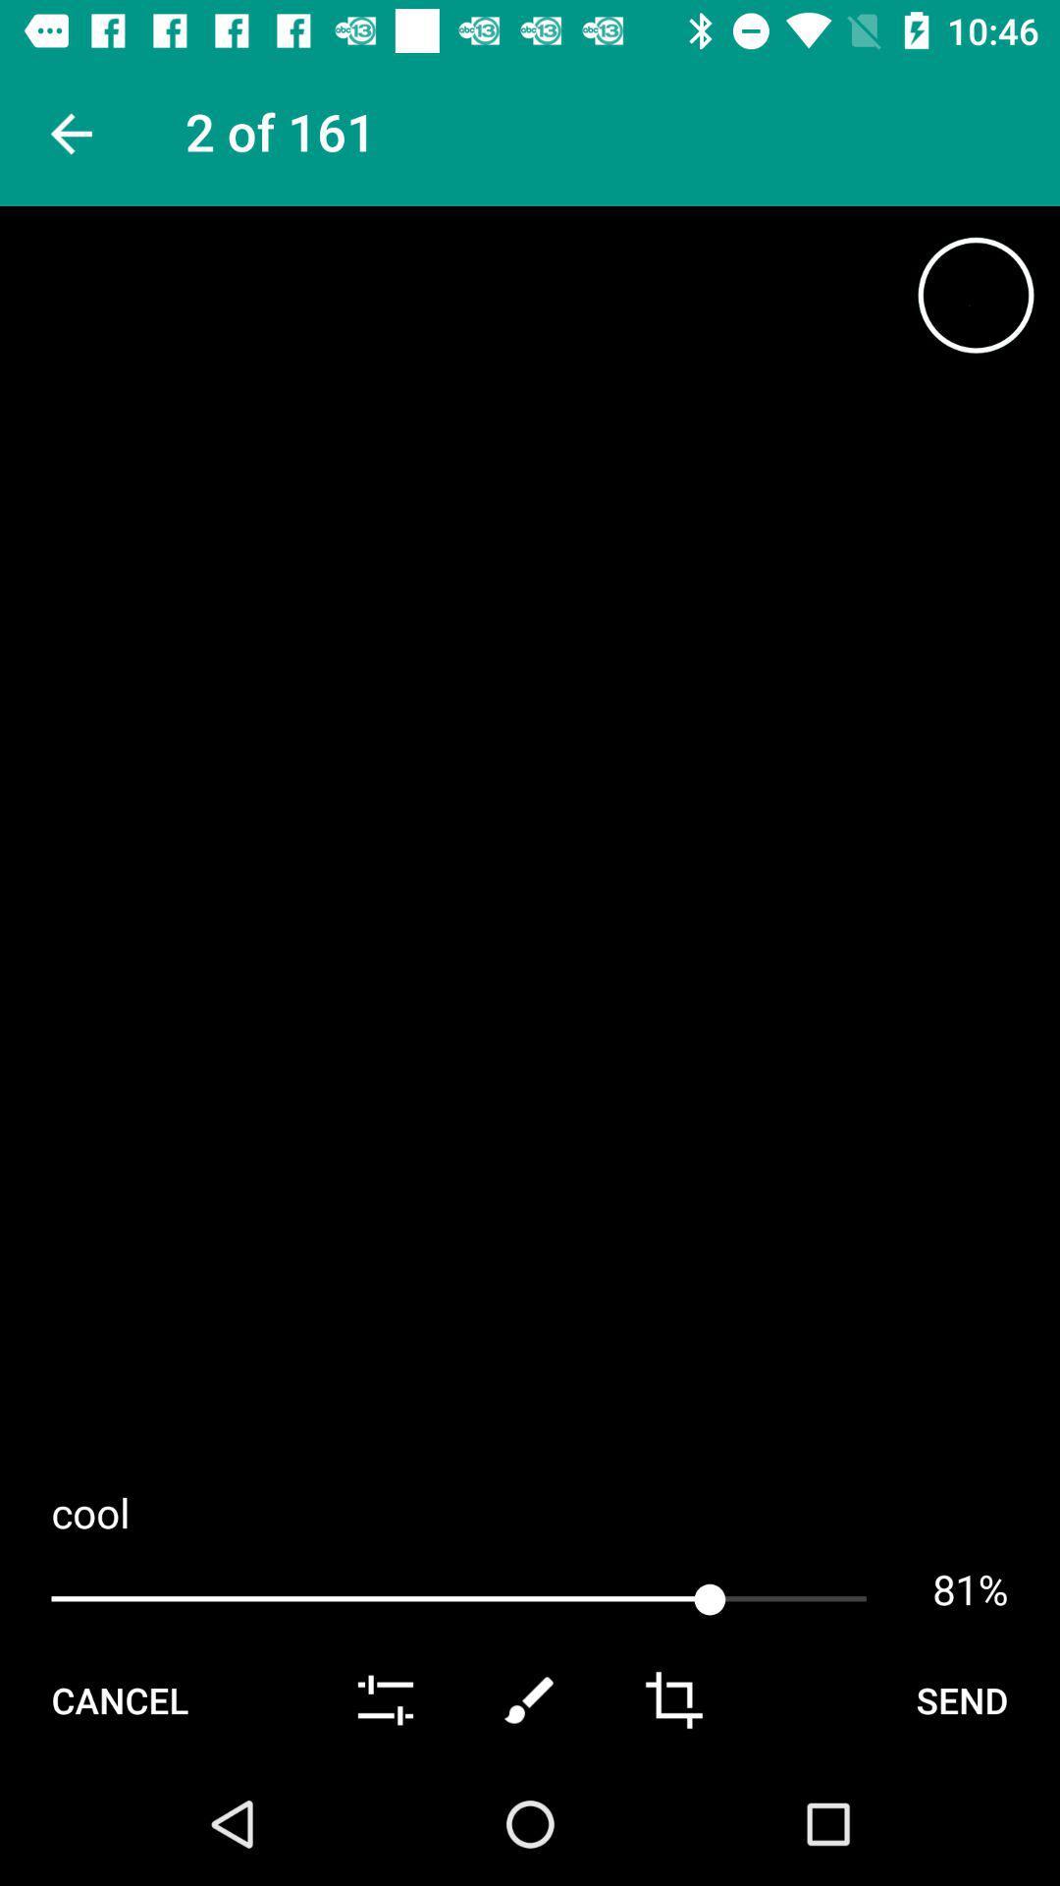 This screenshot has width=1060, height=1886. I want to click on the cool item, so click(530, 1511).